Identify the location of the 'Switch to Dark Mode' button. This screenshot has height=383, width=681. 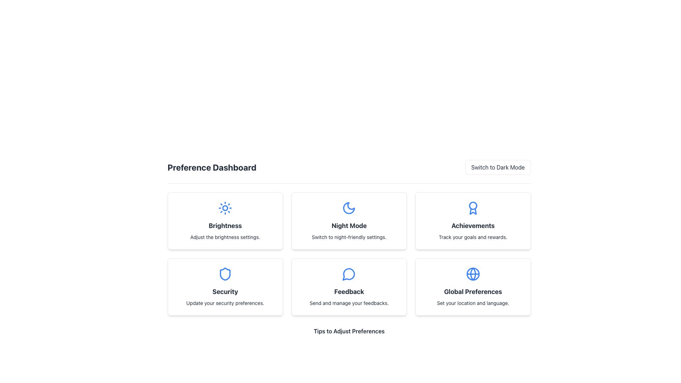
(498, 167).